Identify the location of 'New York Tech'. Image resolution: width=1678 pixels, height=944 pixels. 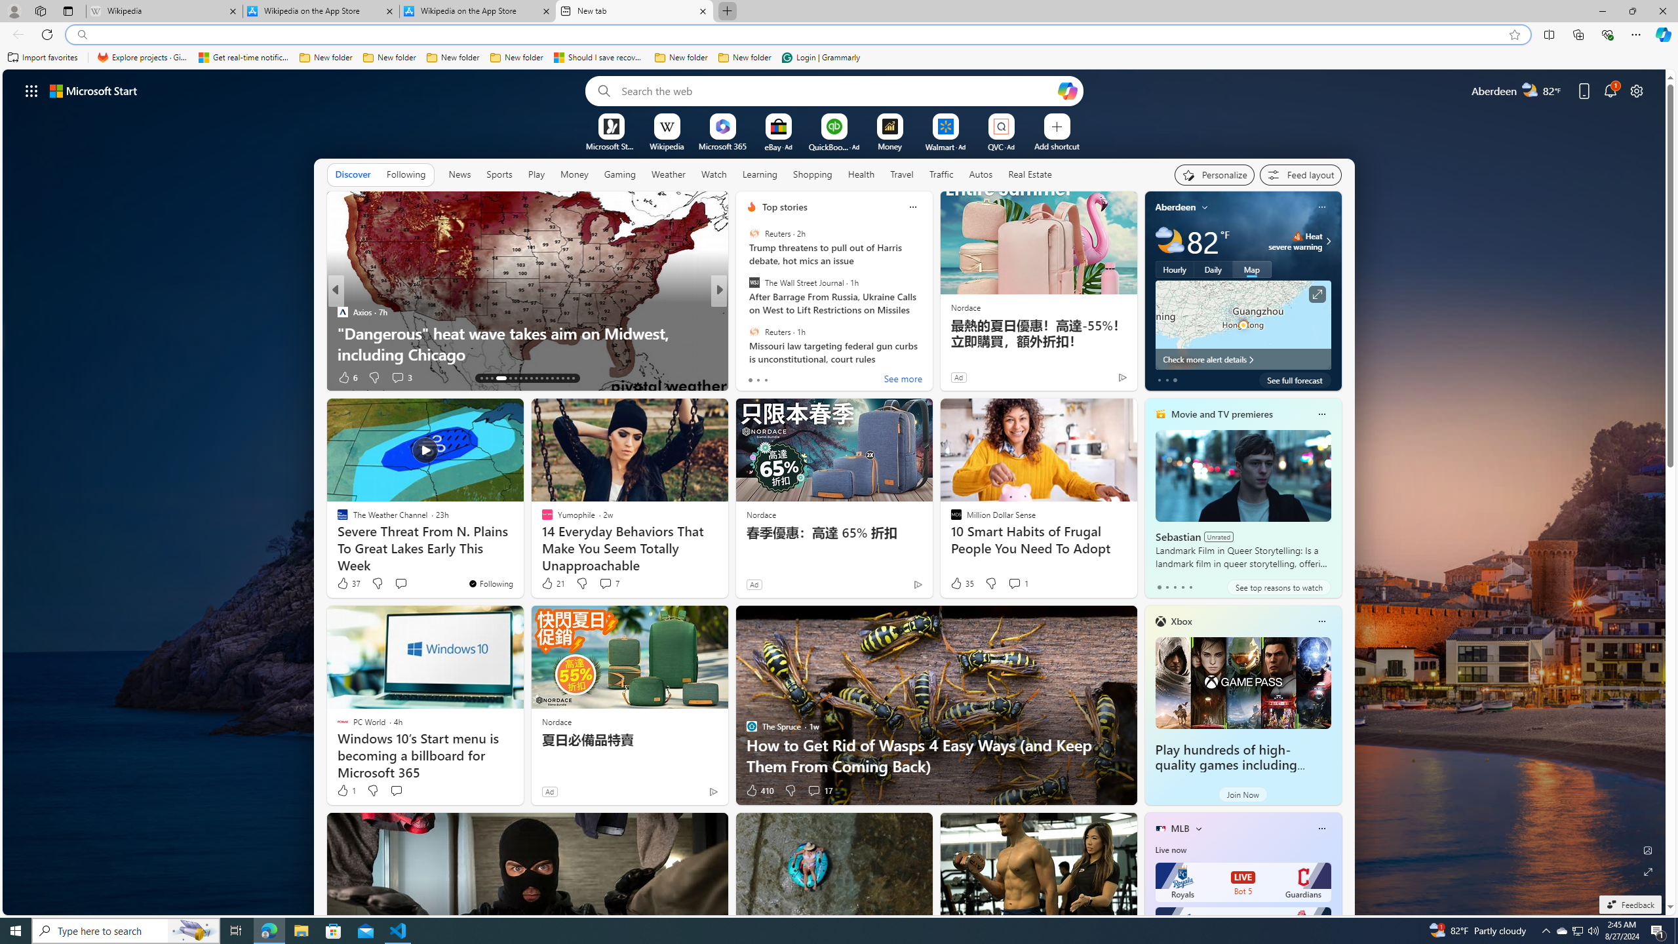
(745, 311).